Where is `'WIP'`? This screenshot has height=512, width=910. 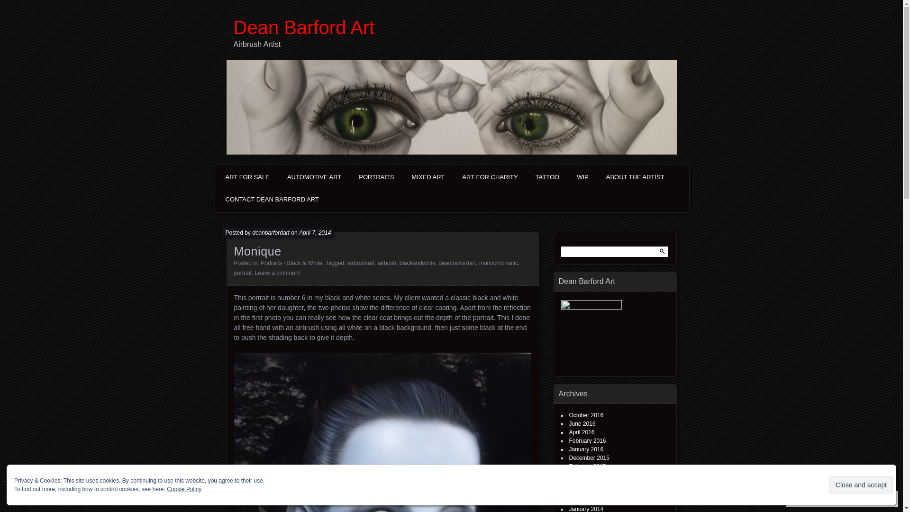
'WIP' is located at coordinates (582, 177).